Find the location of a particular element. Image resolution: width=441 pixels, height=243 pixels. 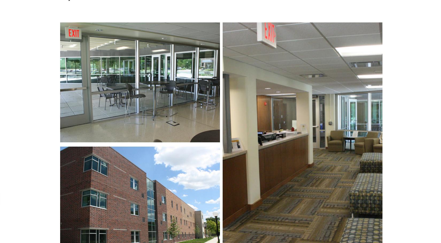

'Resources' is located at coordinates (220, 209).